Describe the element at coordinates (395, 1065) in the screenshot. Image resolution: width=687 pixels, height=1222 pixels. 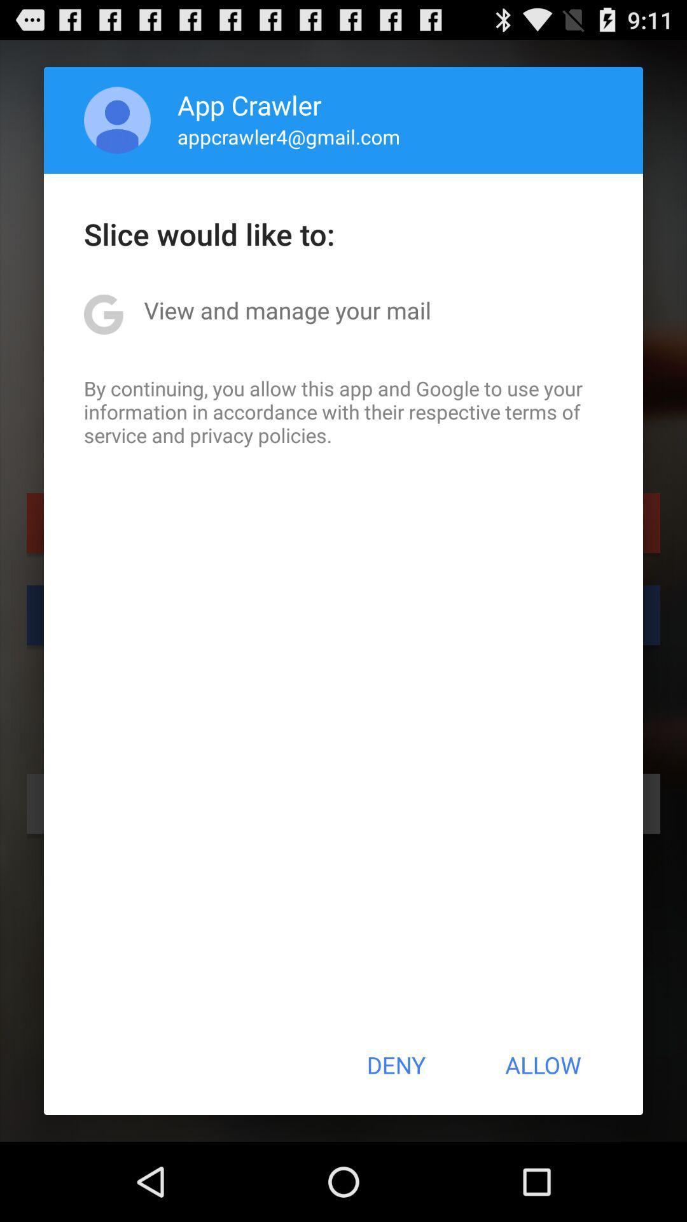
I see `deny at the bottom` at that location.